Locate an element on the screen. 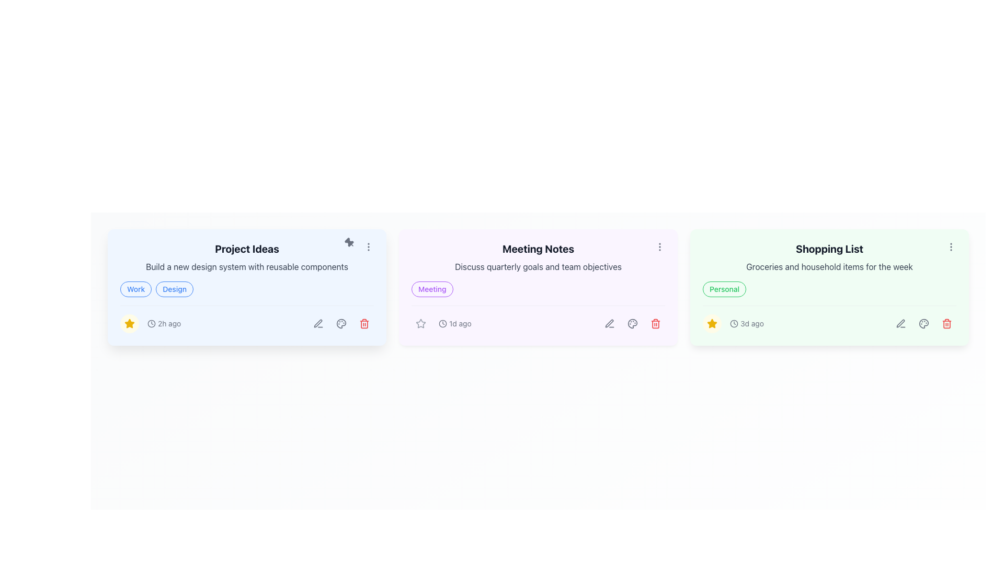 The width and height of the screenshot is (1004, 564). the trash bin icon, which is the third element in the actions section of the 'Project Ideas' card, to initiate deletion is located at coordinates (364, 323).